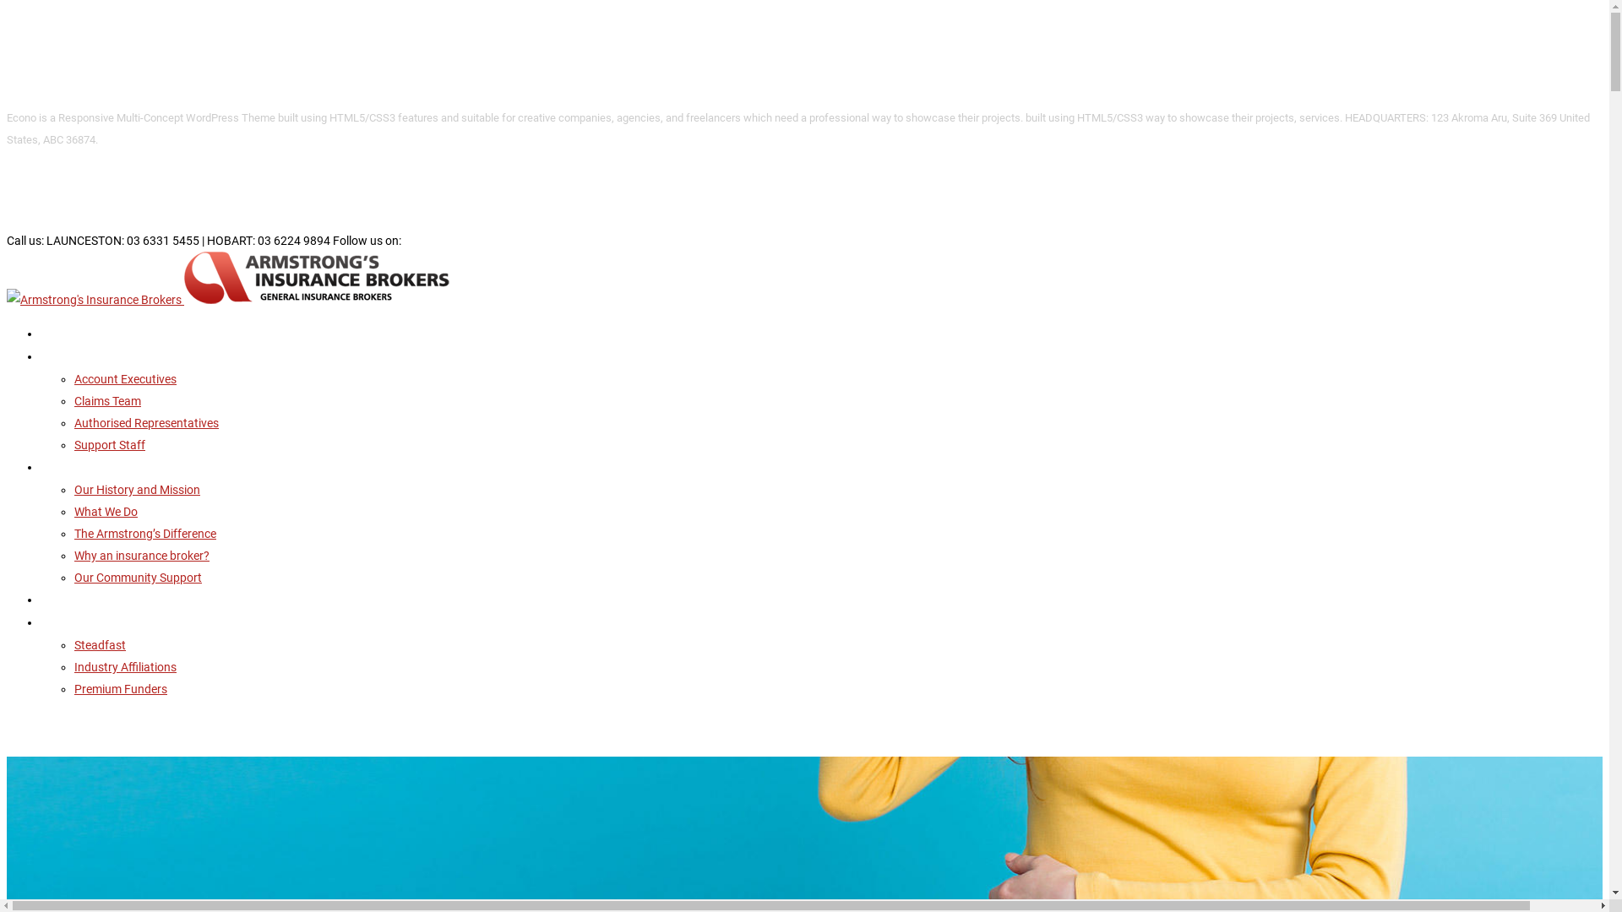  Describe the element at coordinates (73, 489) in the screenshot. I see `'Our History and Mission'` at that location.